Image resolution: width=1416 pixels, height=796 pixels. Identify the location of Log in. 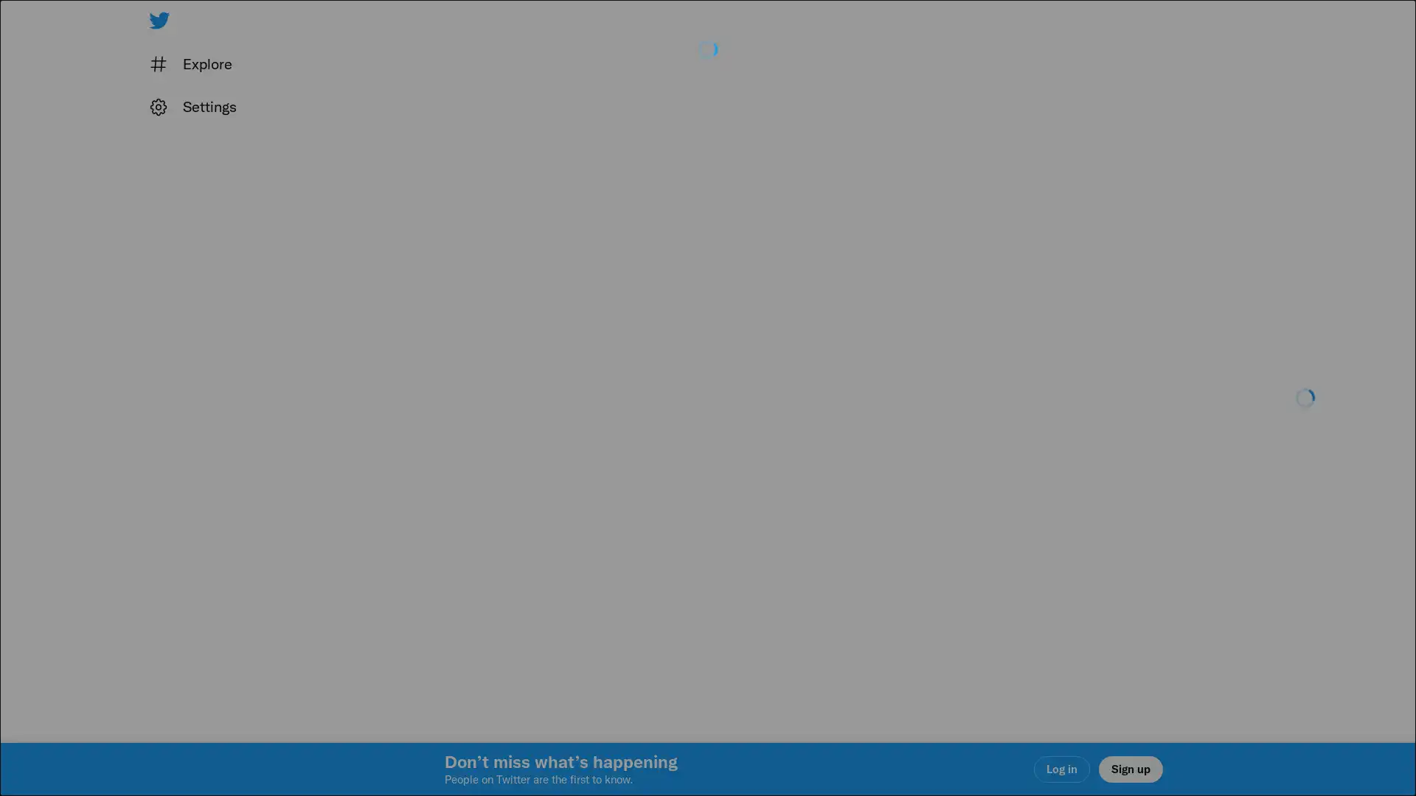
(885, 502).